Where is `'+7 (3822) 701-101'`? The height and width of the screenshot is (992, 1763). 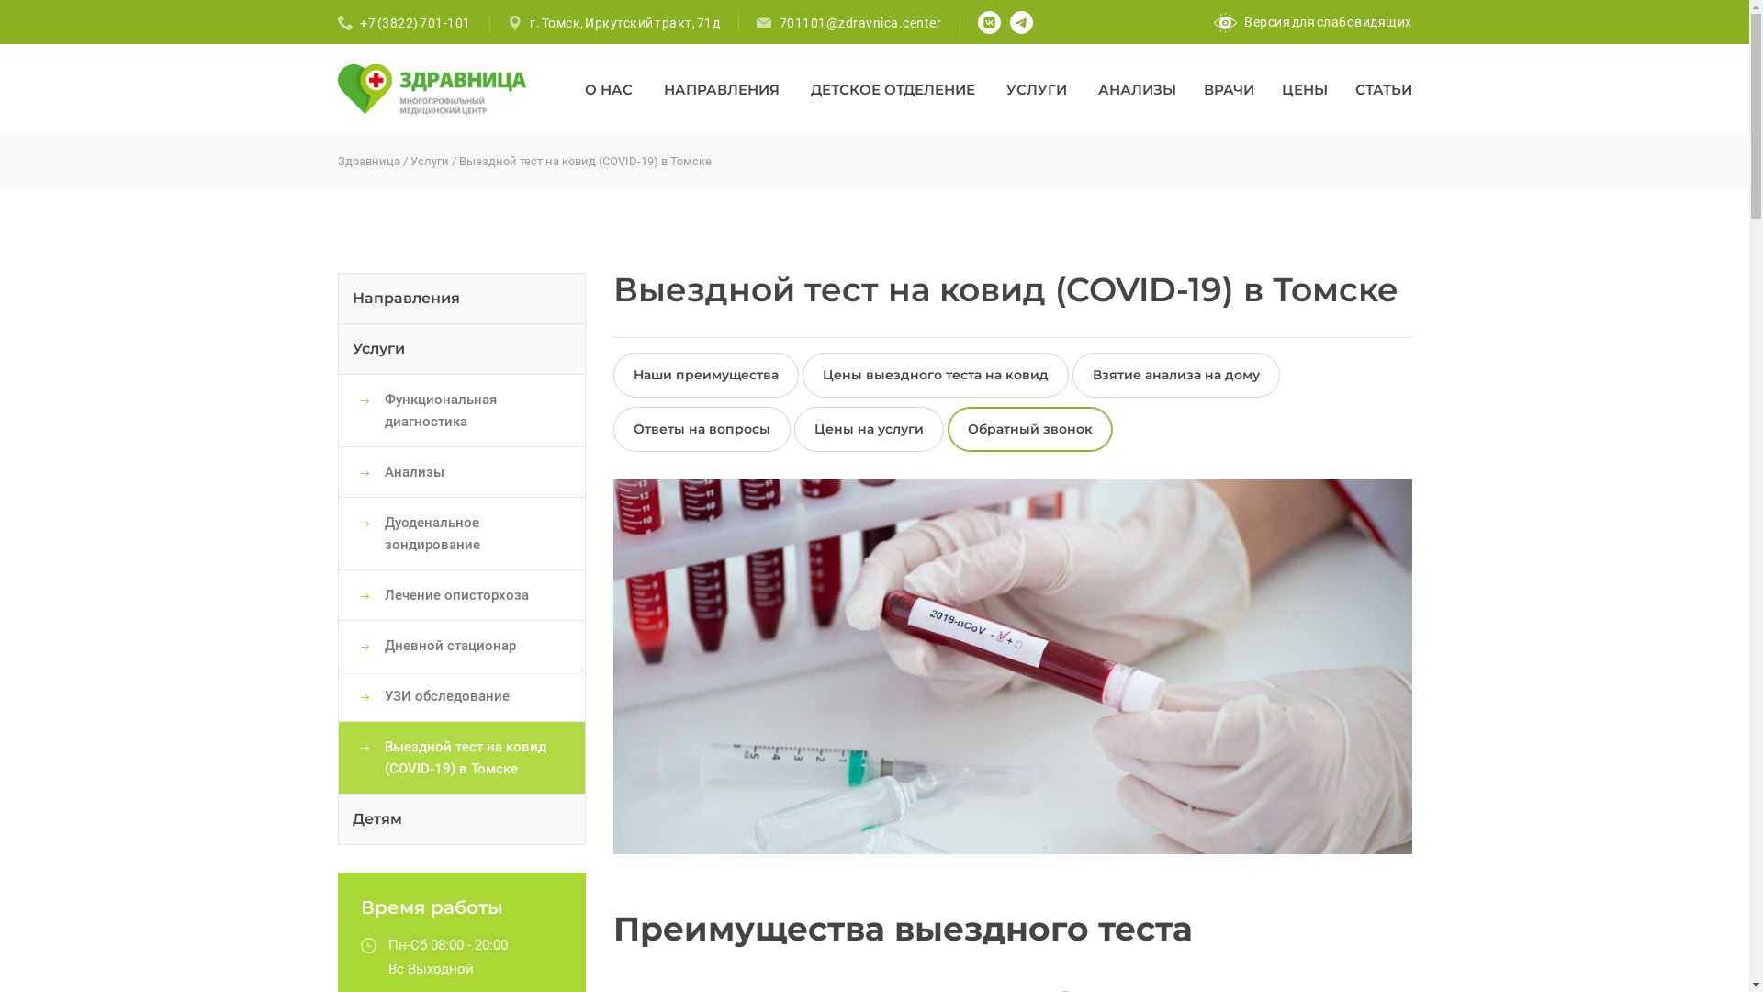
'+7 (3822) 701-101' is located at coordinates (414, 22).